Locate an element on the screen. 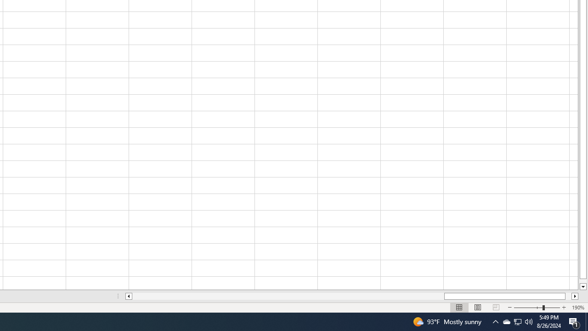 The height and width of the screenshot is (331, 588). 'Normal' is located at coordinates (459, 308).